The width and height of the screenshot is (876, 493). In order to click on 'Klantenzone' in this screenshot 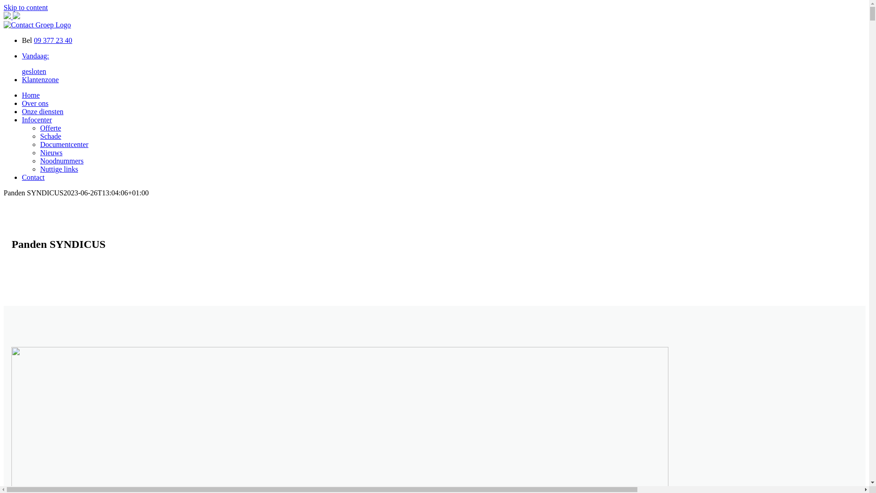, I will do `click(40, 79)`.